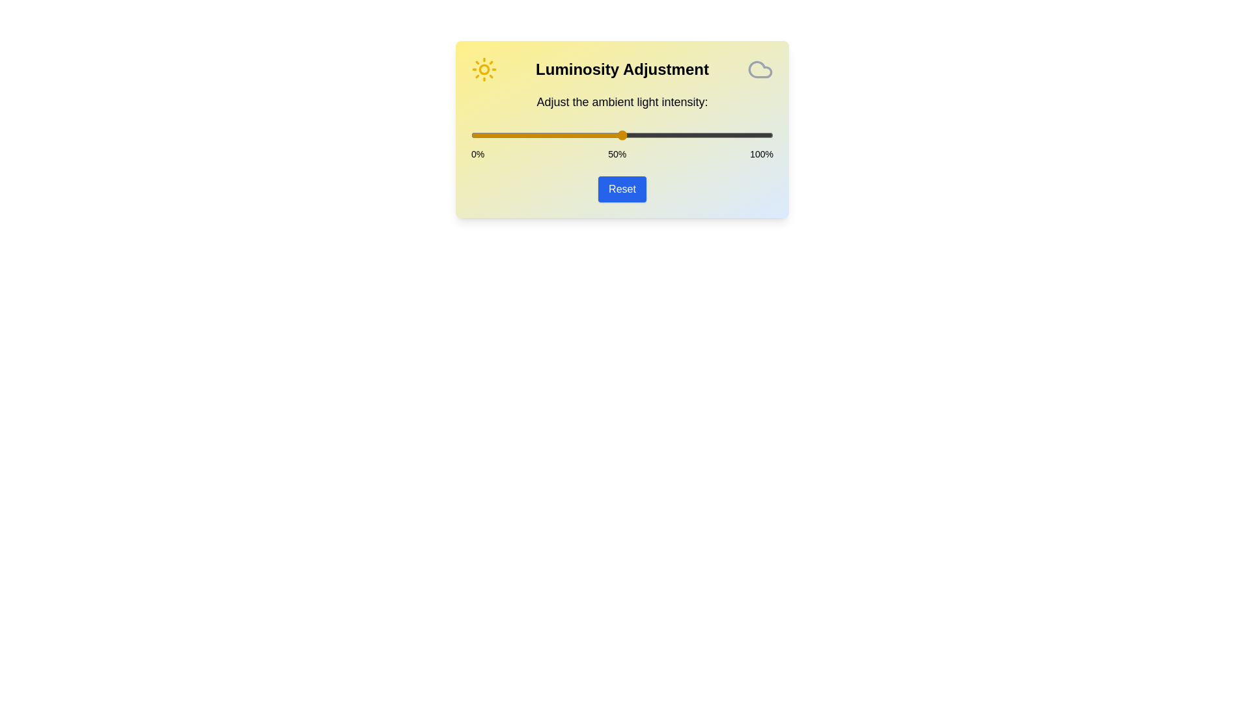  I want to click on the light intensity to 74% by sliding the slider, so click(694, 135).